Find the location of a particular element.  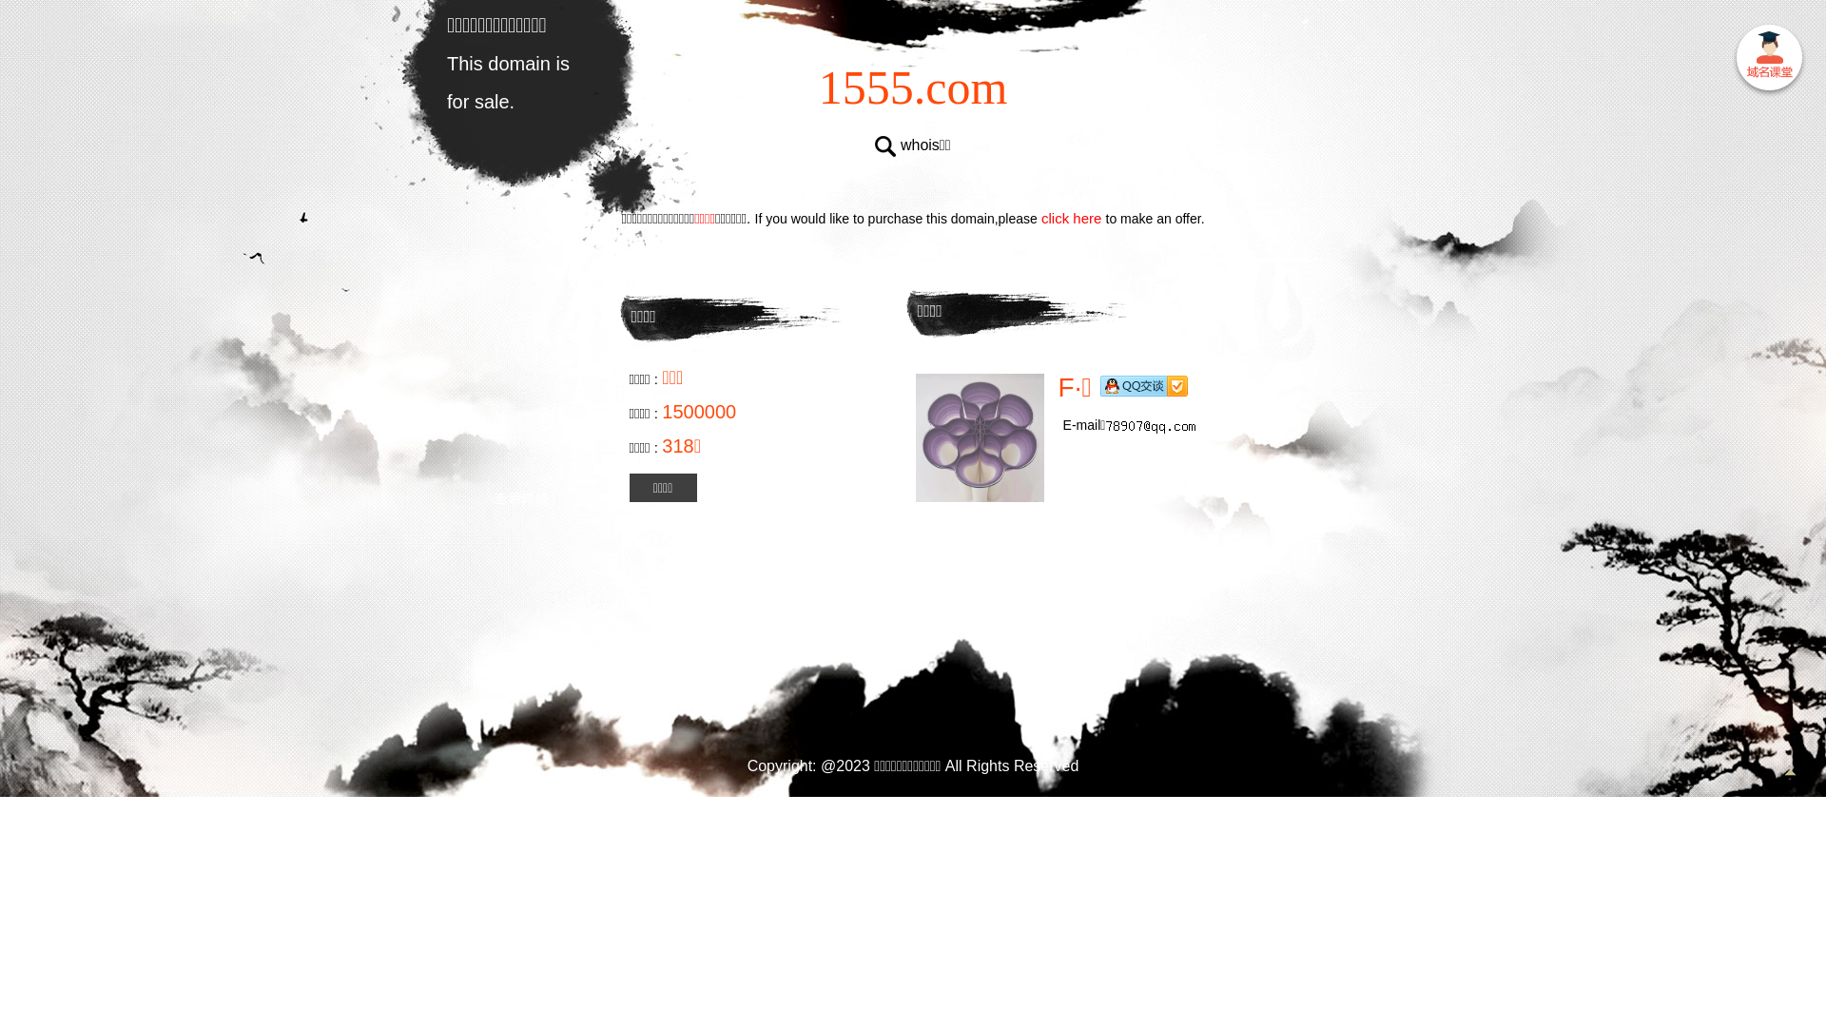

'click here' is located at coordinates (1072, 217).